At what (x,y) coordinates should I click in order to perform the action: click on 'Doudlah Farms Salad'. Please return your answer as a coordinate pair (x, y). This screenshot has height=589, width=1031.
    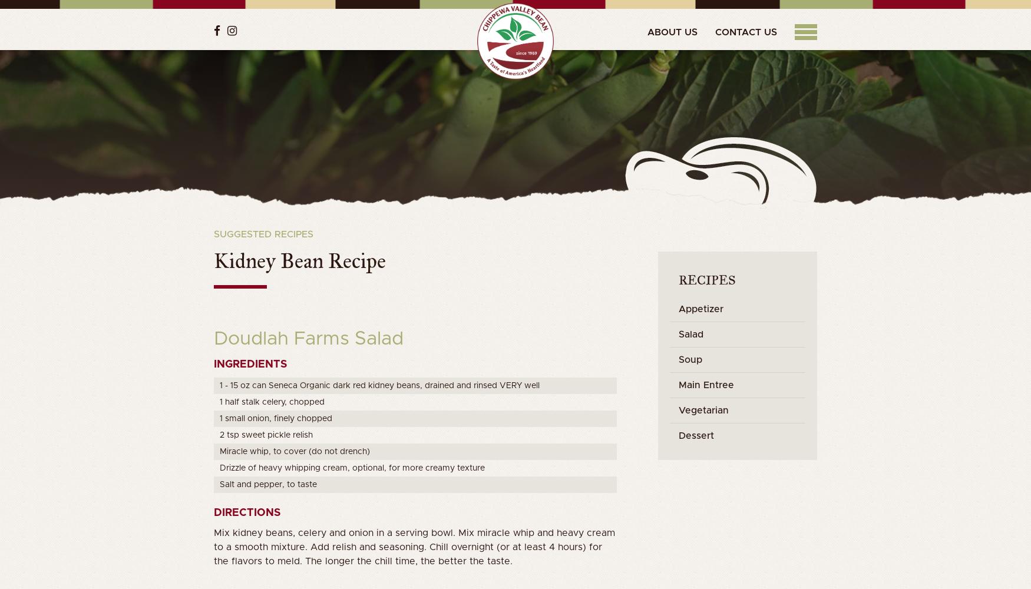
    Looking at the image, I should click on (308, 339).